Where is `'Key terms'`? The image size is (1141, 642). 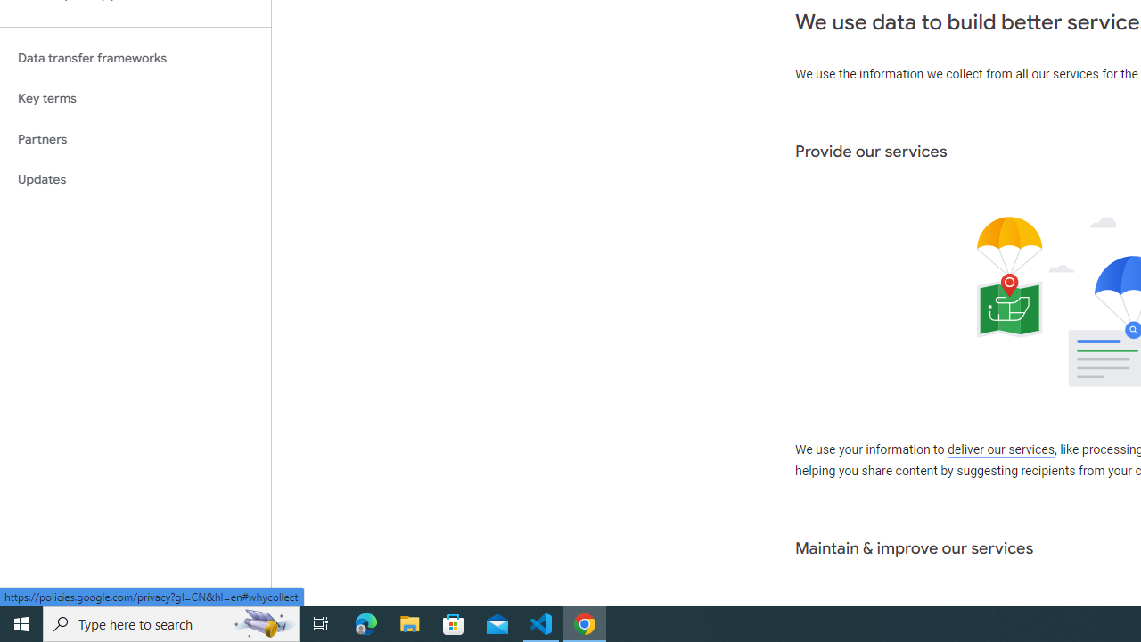 'Key terms' is located at coordinates (135, 98).